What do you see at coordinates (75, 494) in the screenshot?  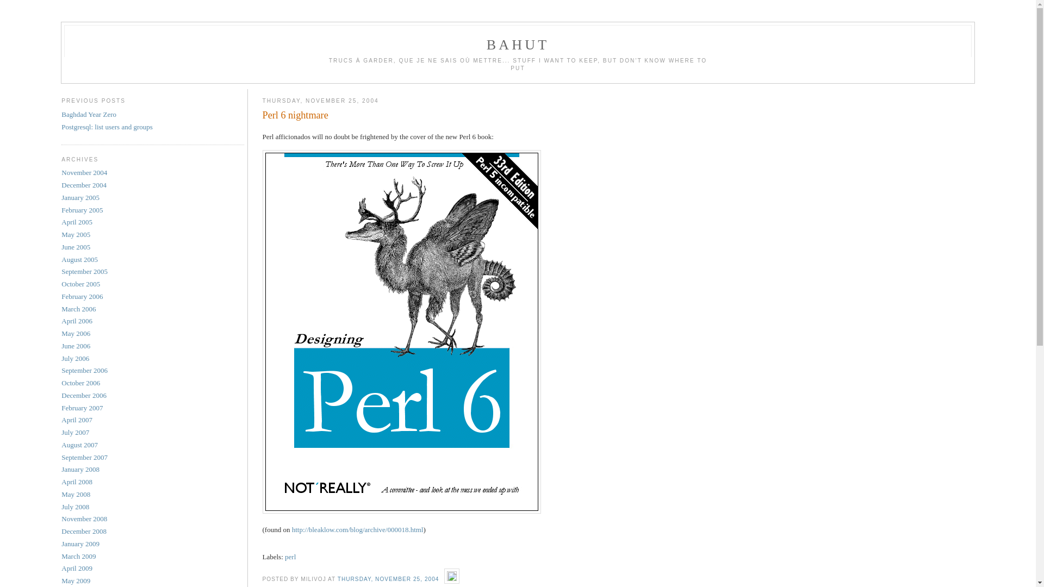 I see `'May 2008'` at bounding box center [75, 494].